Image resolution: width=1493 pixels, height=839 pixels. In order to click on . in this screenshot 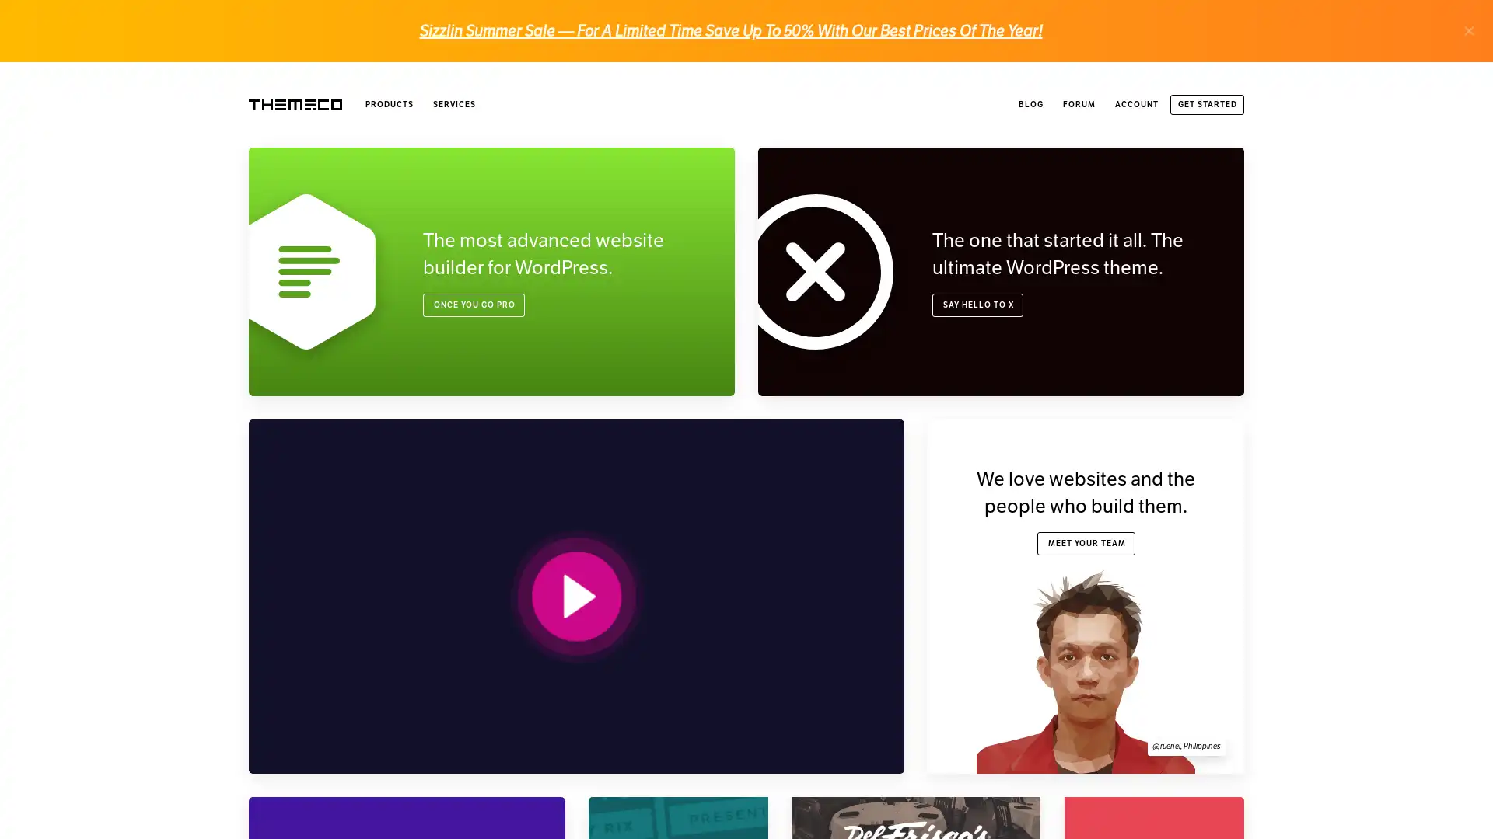, I will do `click(1469, 30)`.